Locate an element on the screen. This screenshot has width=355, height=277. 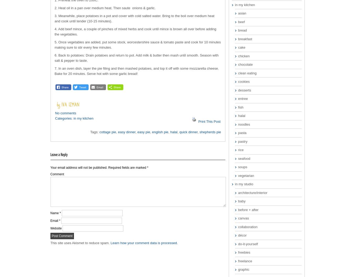
'shepherds pie' is located at coordinates (199, 132).